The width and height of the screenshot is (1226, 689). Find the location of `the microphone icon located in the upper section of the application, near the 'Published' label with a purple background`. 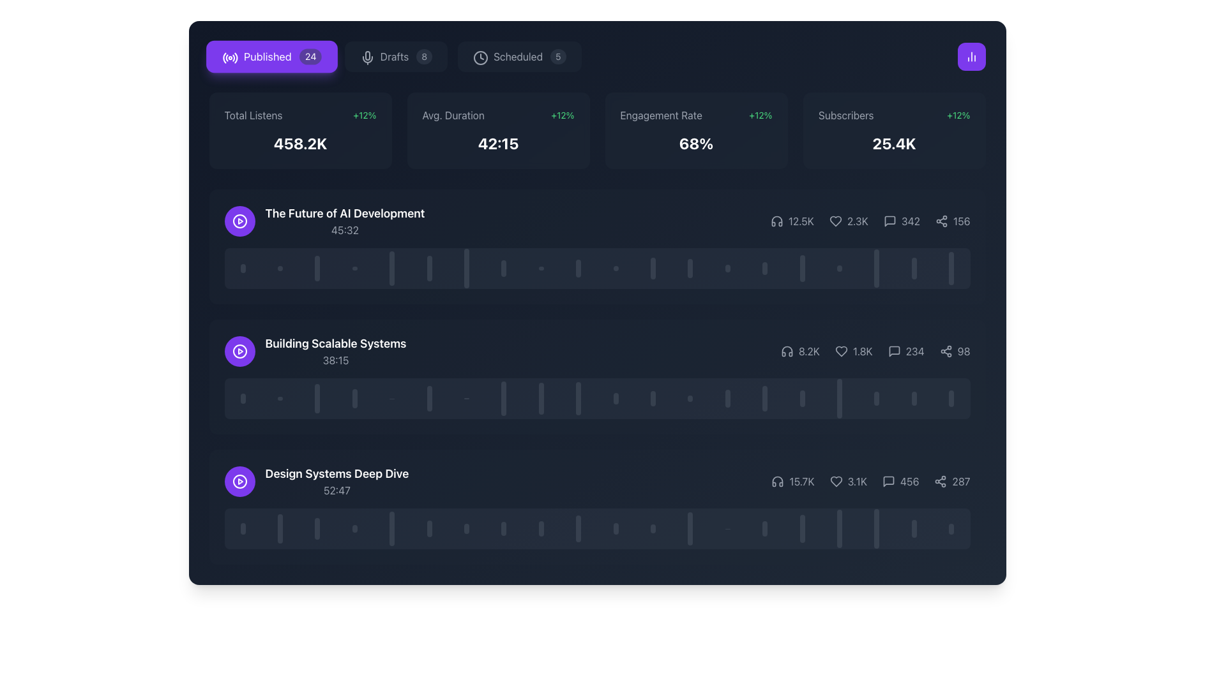

the microphone icon located in the upper section of the application, near the 'Published' label with a purple background is located at coordinates (367, 55).